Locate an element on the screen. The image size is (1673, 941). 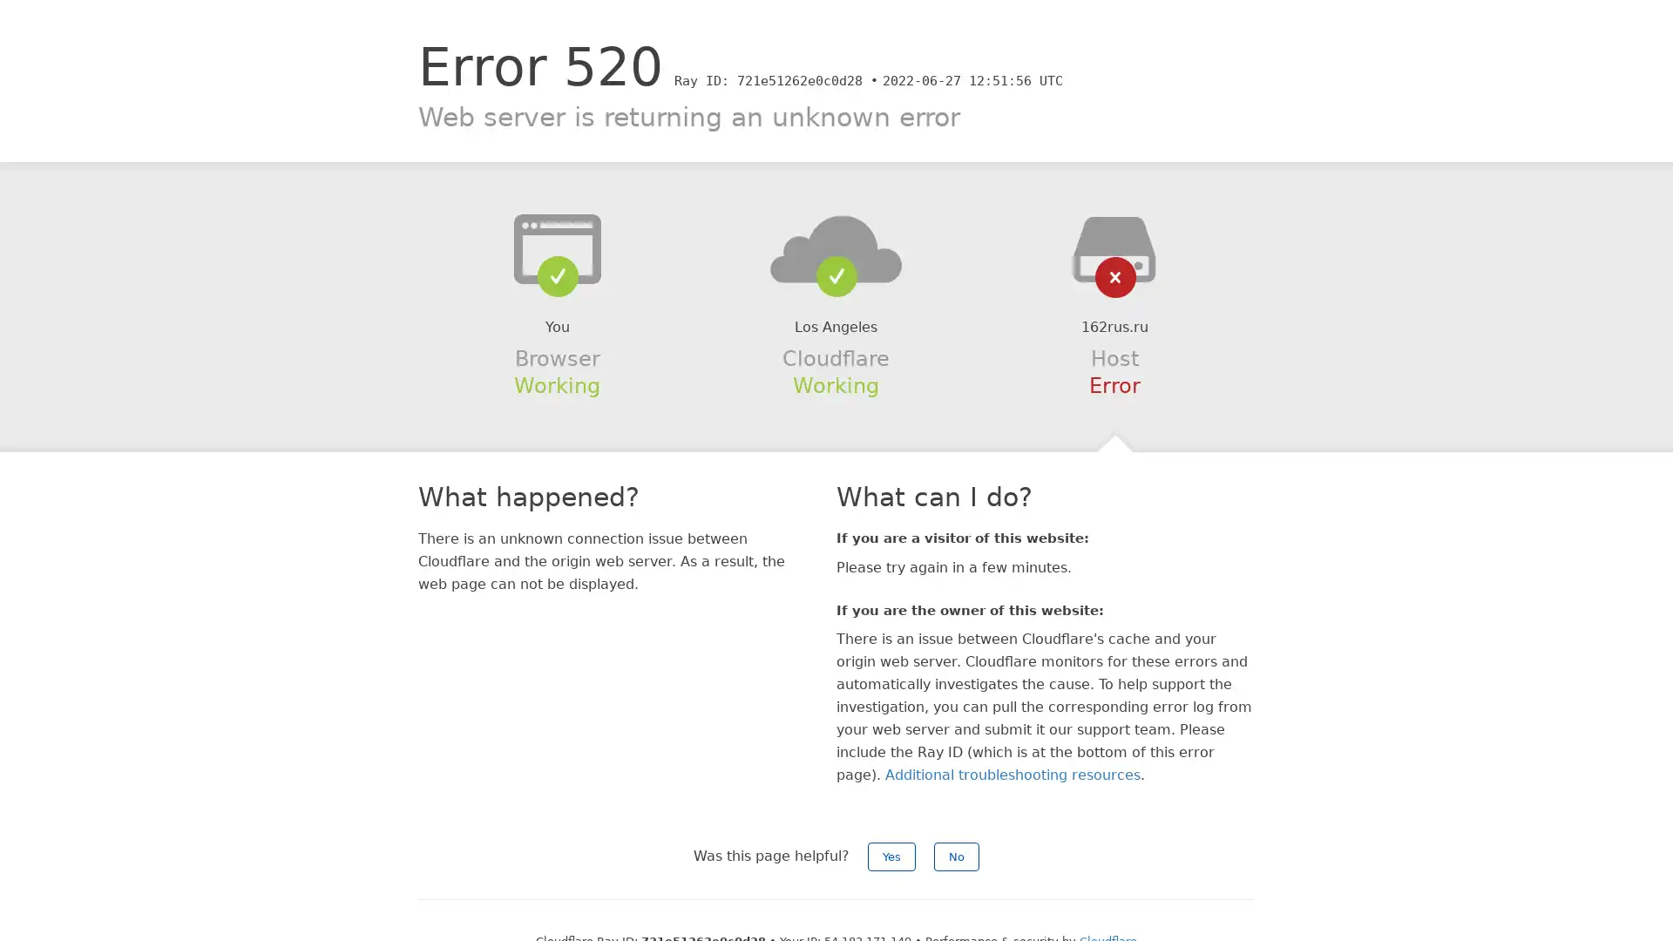
No is located at coordinates (956, 856).